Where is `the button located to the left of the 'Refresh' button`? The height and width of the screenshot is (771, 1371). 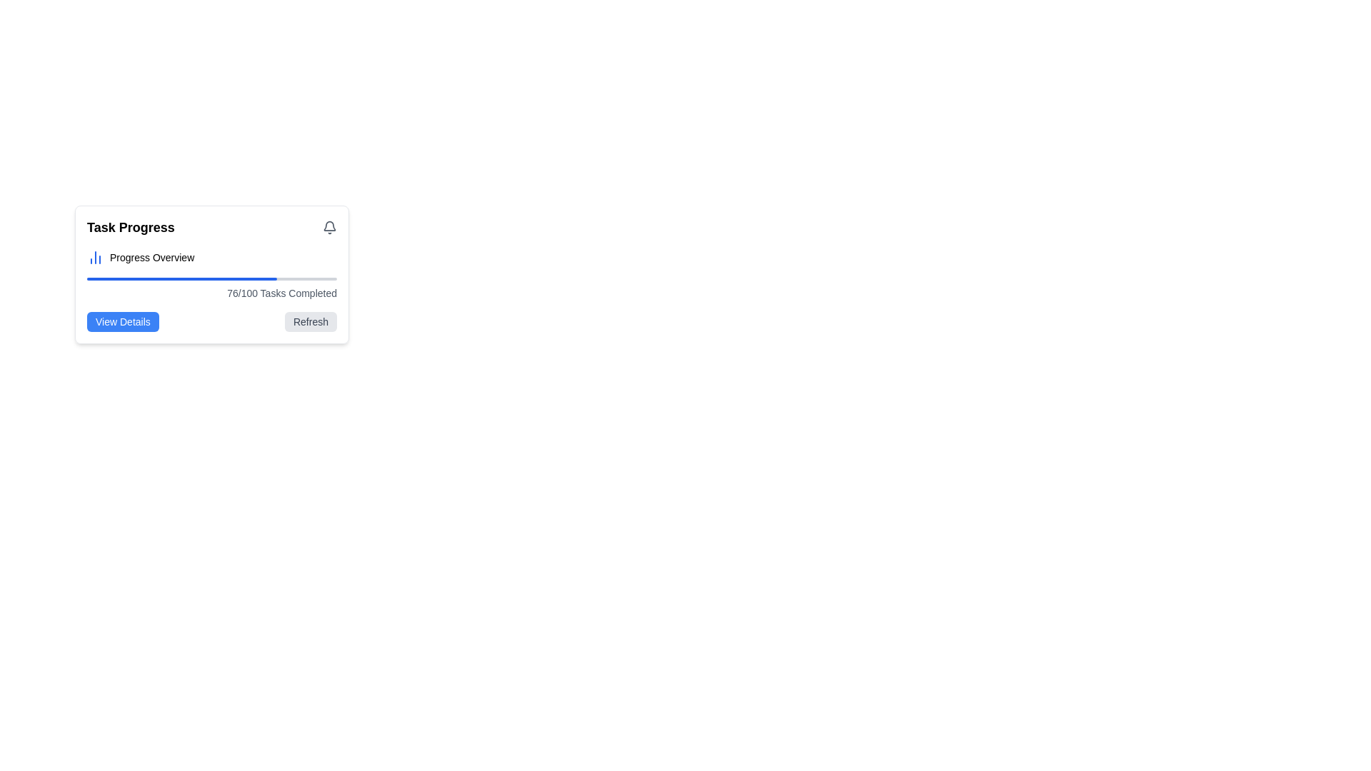
the button located to the left of the 'Refresh' button is located at coordinates (123, 322).